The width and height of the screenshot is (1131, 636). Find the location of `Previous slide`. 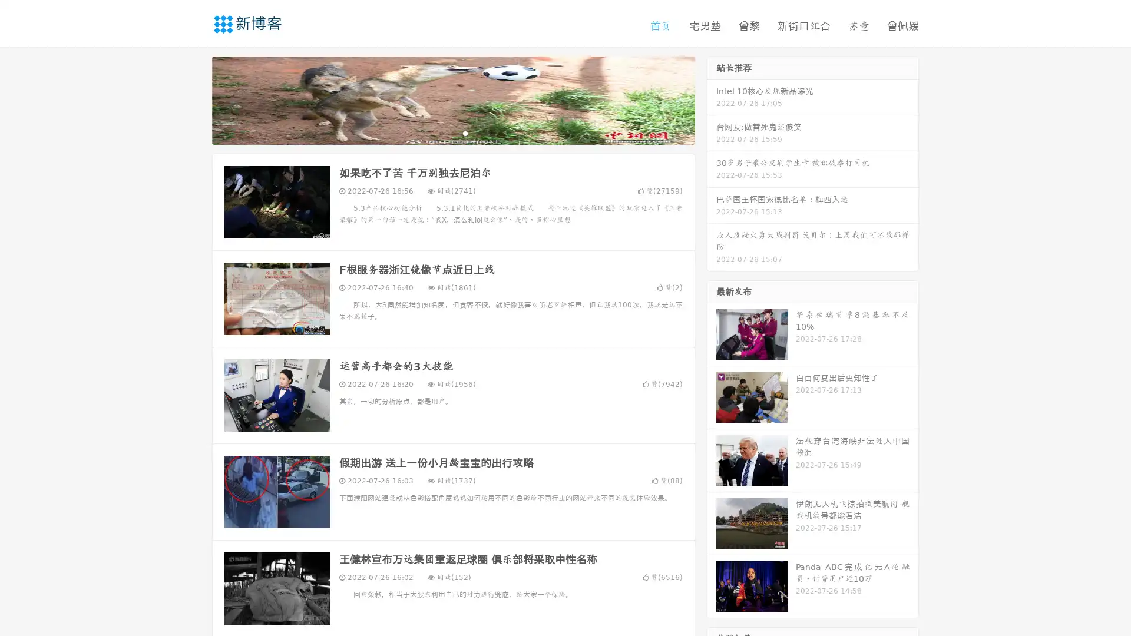

Previous slide is located at coordinates (194, 99).